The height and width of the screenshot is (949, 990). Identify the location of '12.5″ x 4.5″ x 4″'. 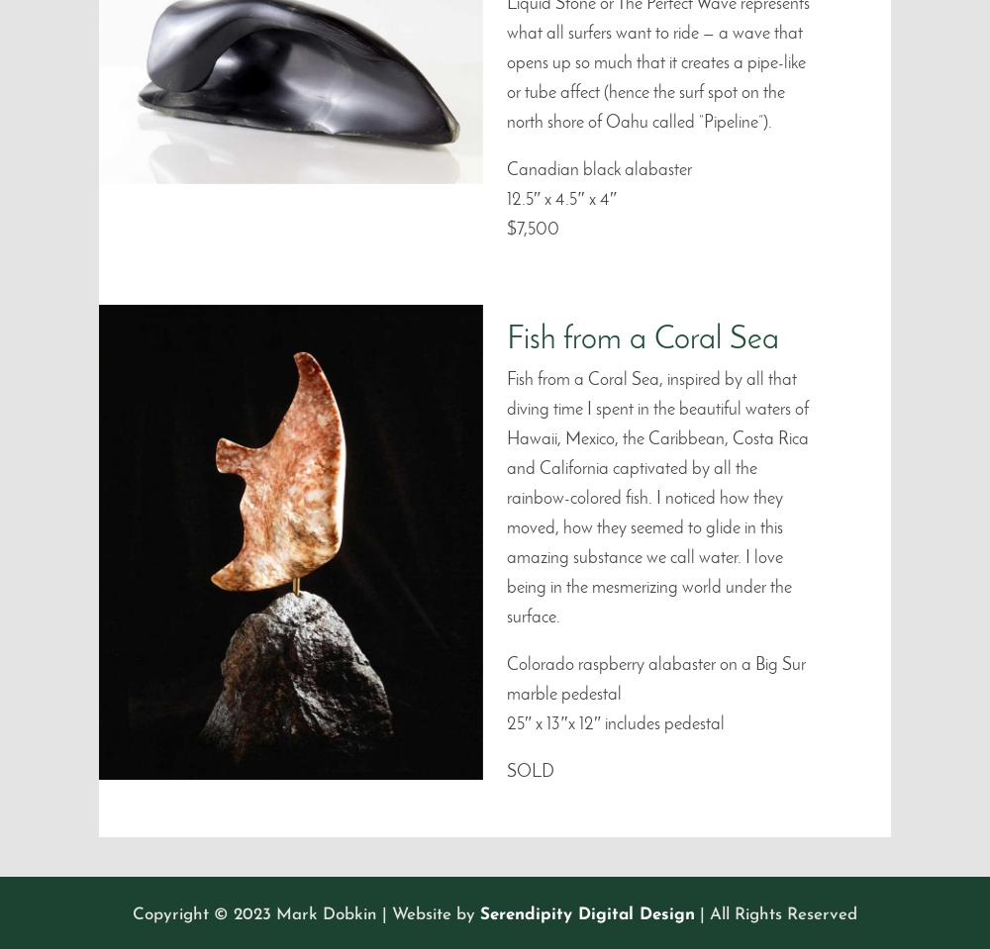
(560, 198).